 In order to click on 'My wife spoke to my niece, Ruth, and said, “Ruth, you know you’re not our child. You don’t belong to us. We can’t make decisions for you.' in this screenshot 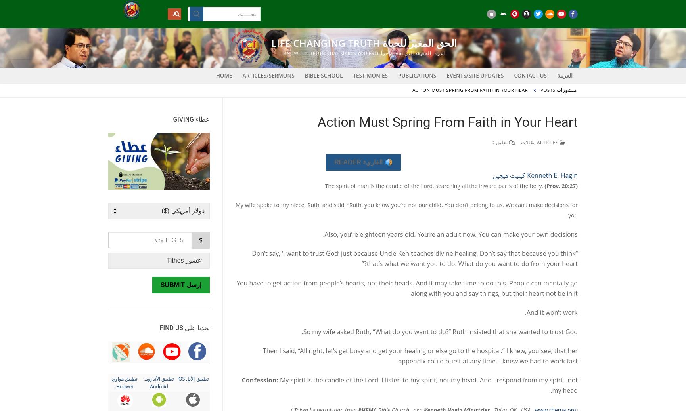, I will do `click(406, 209)`.